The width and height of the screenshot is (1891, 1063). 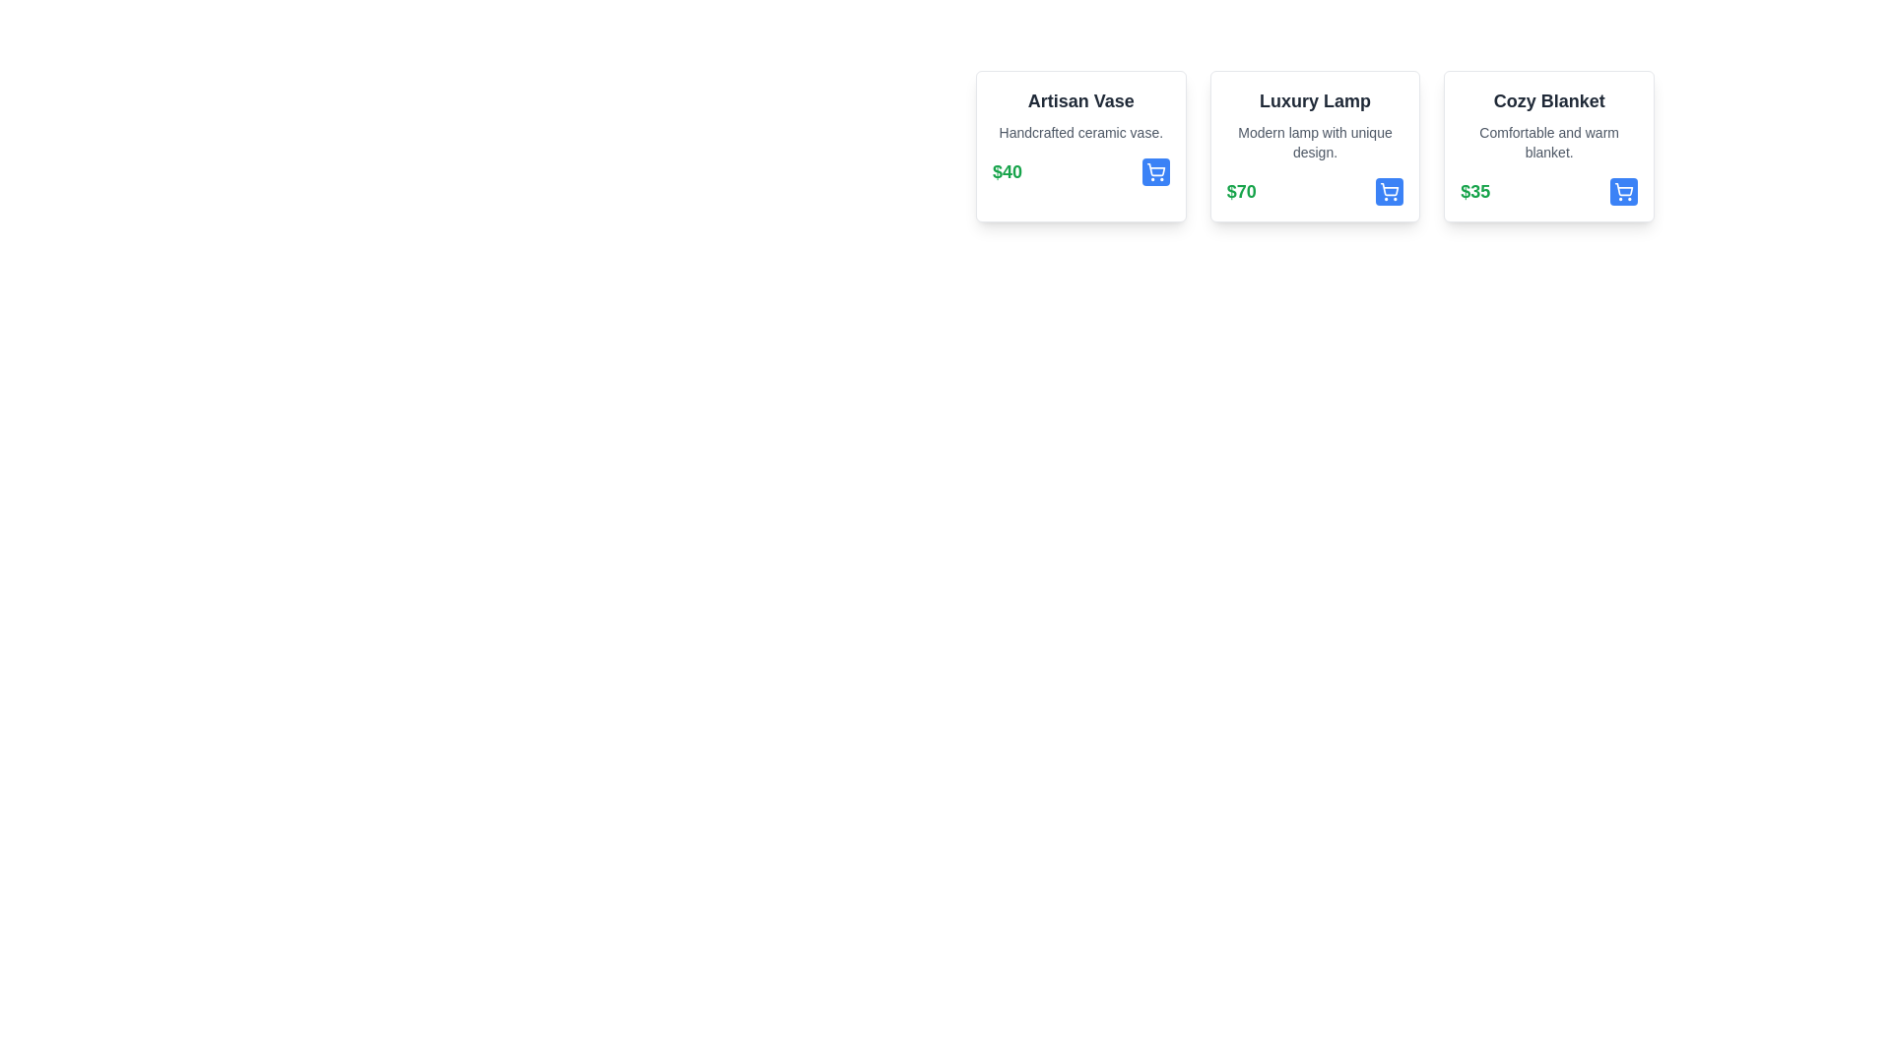 What do you see at coordinates (1548, 146) in the screenshot?
I see `the 'Cozy Blanket' product card, which is the third card in a grid layout with rounded corners and a drop shadow` at bounding box center [1548, 146].